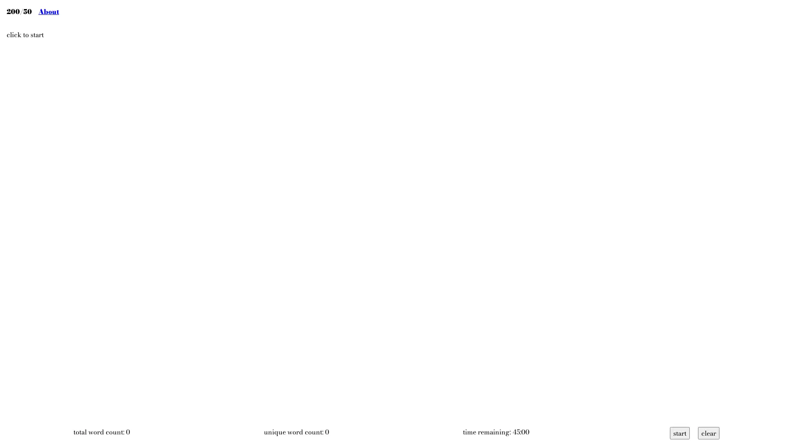 The height and width of the screenshot is (446, 793). What do you see at coordinates (708, 433) in the screenshot?
I see `clear` at bounding box center [708, 433].